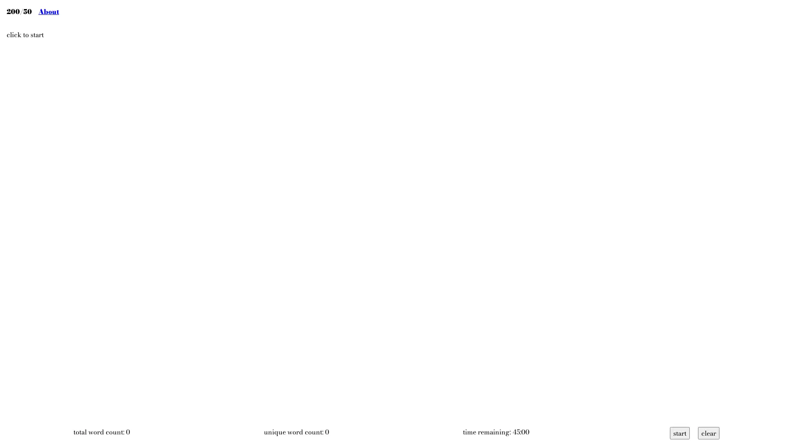 The height and width of the screenshot is (446, 793). What do you see at coordinates (708, 433) in the screenshot?
I see `clear` at bounding box center [708, 433].